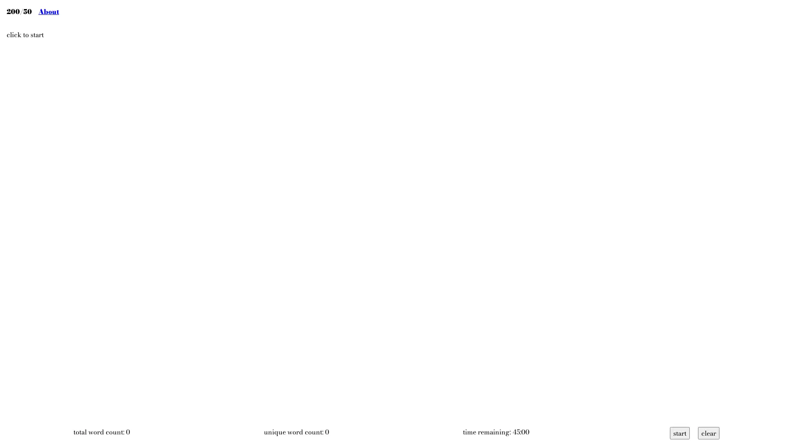 The height and width of the screenshot is (446, 793). What do you see at coordinates (708, 433) in the screenshot?
I see `clear` at bounding box center [708, 433].